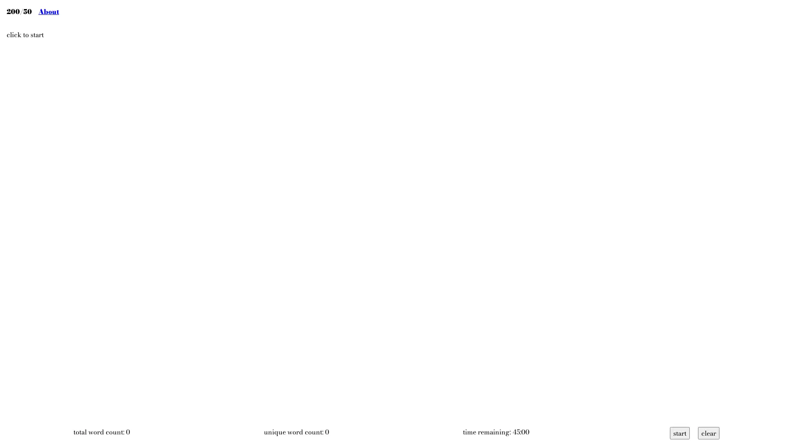 The height and width of the screenshot is (446, 793). What do you see at coordinates (708, 433) in the screenshot?
I see `clear` at bounding box center [708, 433].